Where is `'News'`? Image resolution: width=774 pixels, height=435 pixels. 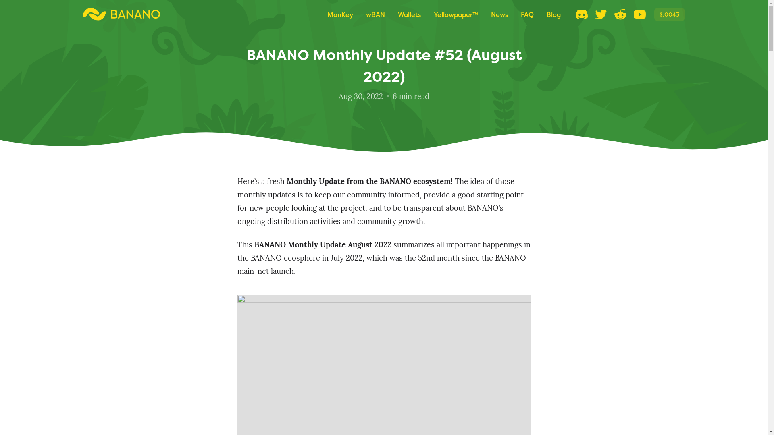 'News' is located at coordinates (499, 14).